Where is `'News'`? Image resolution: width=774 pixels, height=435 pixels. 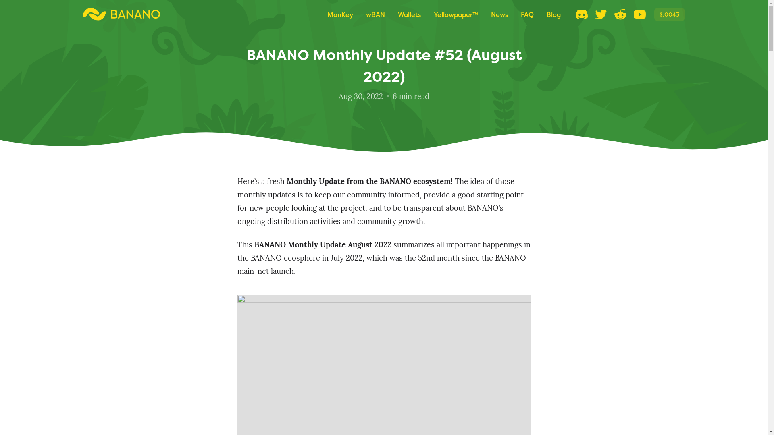 'News' is located at coordinates (499, 14).